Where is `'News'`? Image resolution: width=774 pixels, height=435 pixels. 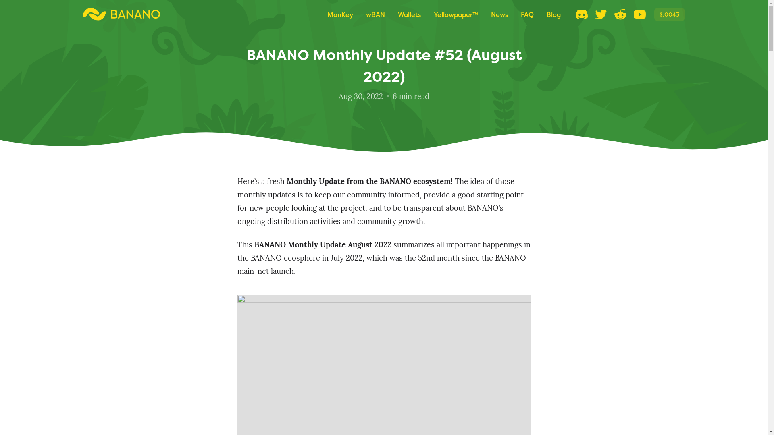 'News' is located at coordinates (499, 14).